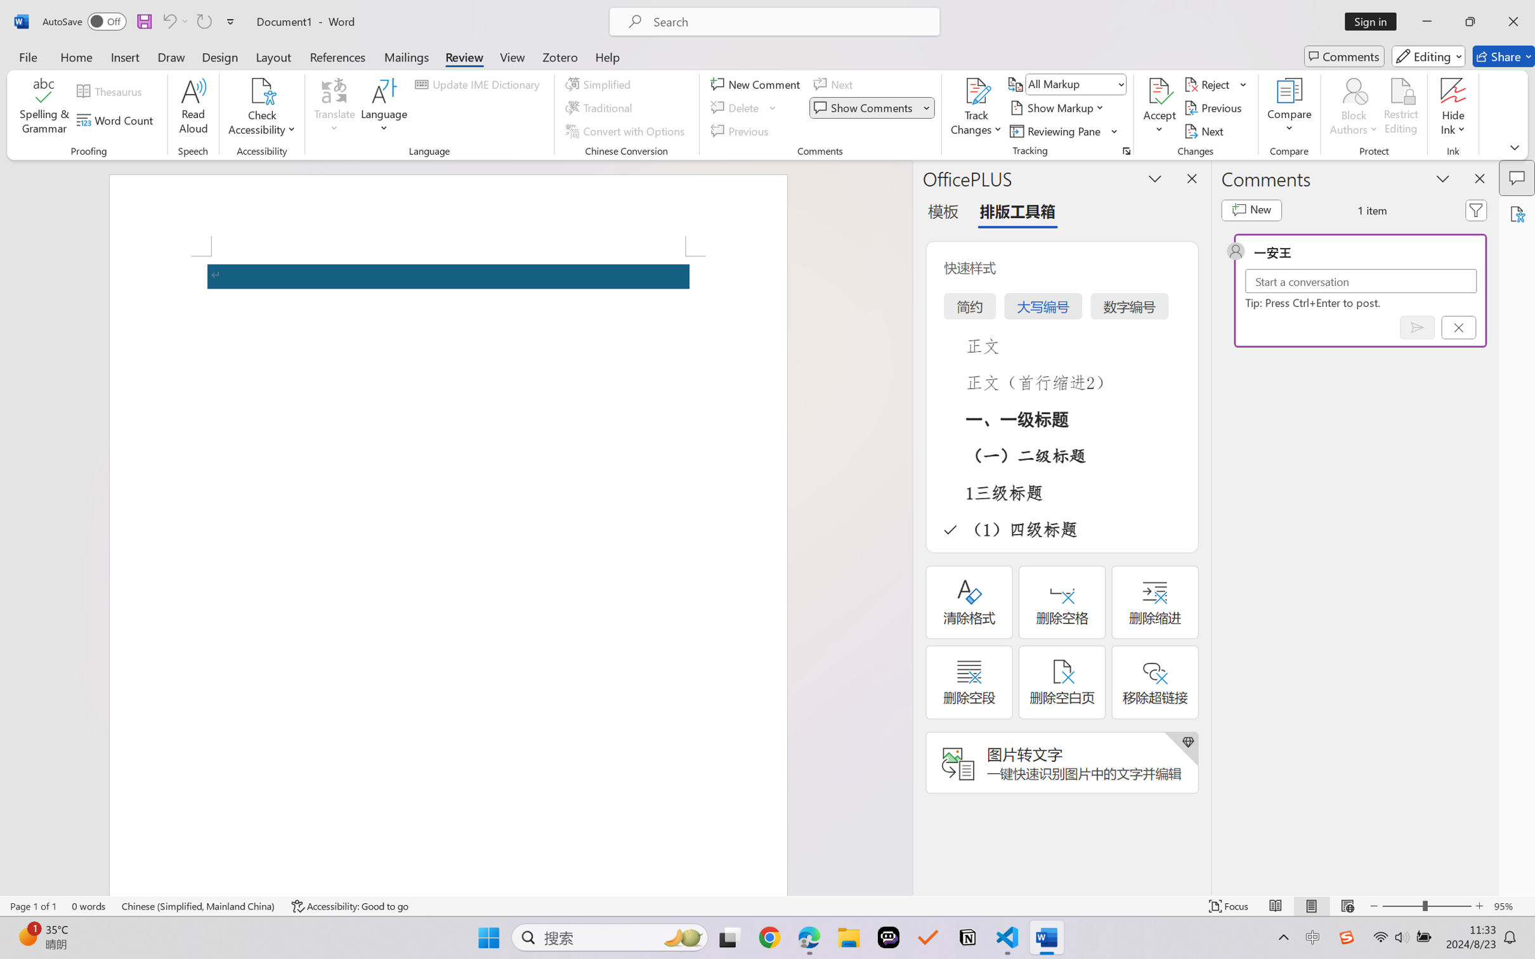 Image resolution: width=1535 pixels, height=959 pixels. Describe the element at coordinates (600, 108) in the screenshot. I see `'Traditional'` at that location.